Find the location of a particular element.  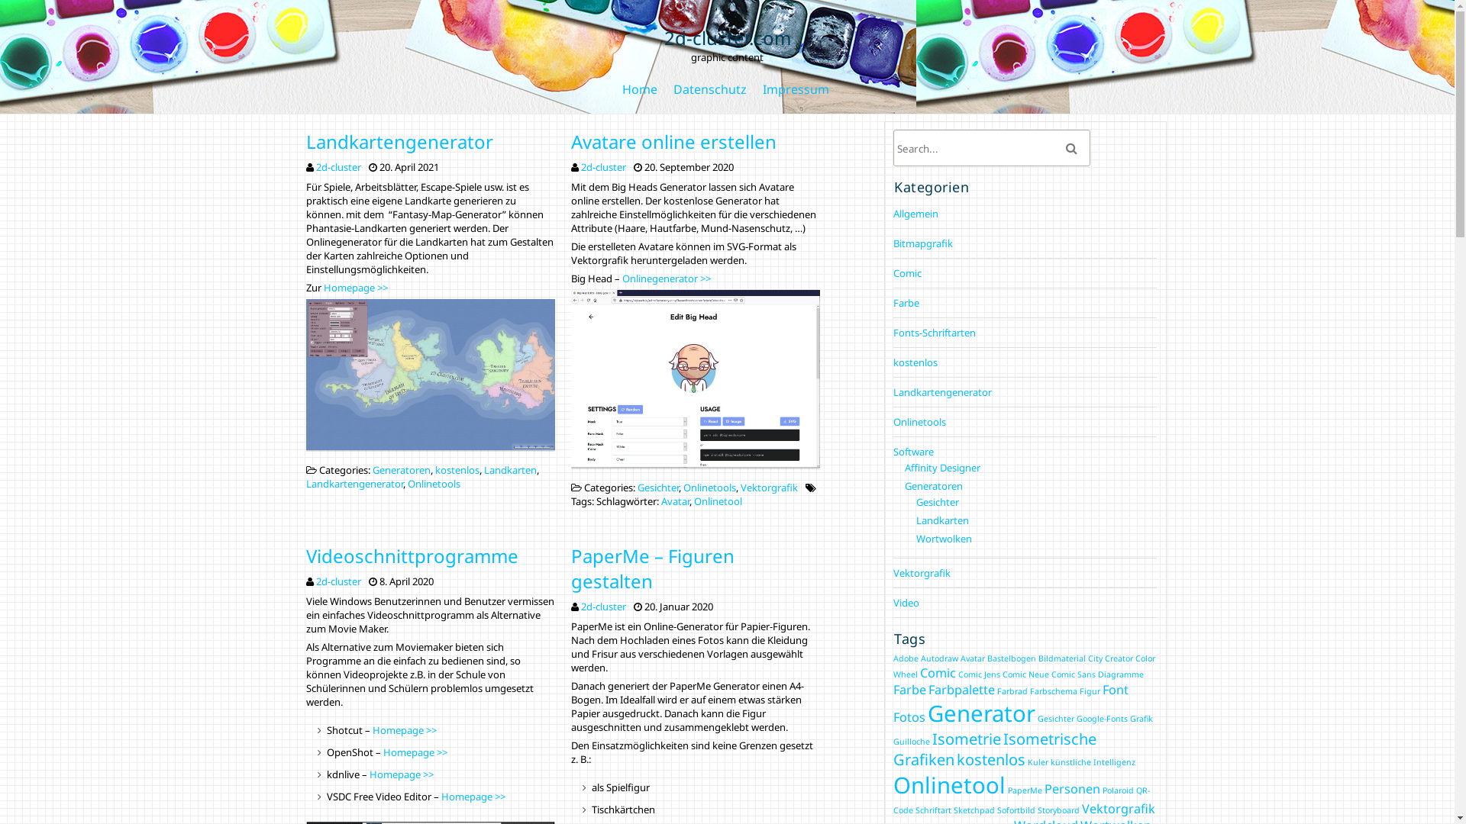

'Allgemein' is located at coordinates (915, 214).